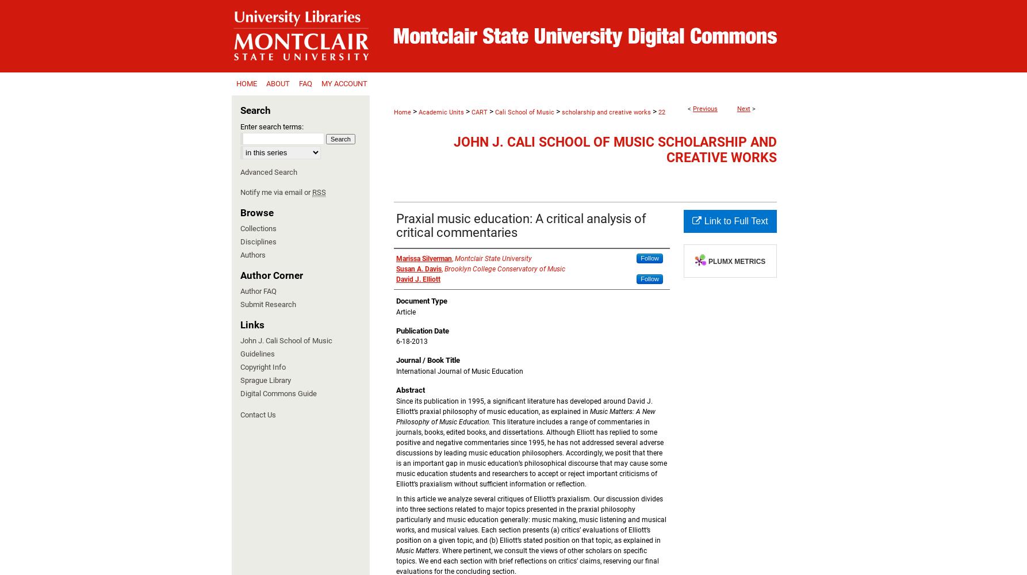  Describe the element at coordinates (524, 405) in the screenshot. I see `'Since its publication in 1995, a significant literature has developed around David J. Elliott’s praxial philosophy of music education, as explained in'` at that location.